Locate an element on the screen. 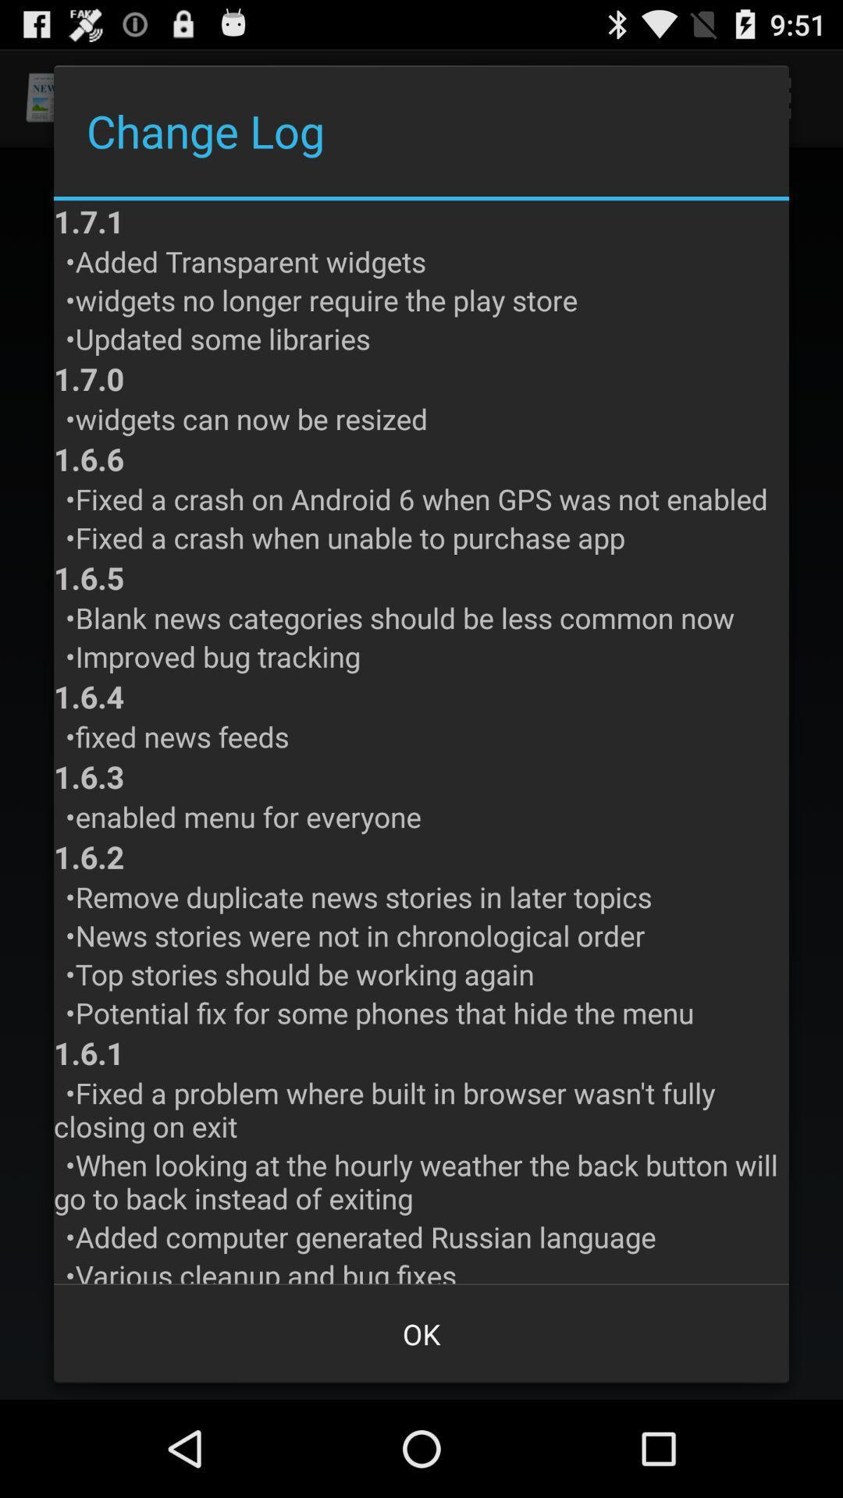 The width and height of the screenshot is (843, 1498). the item below various cleanup and item is located at coordinates (421, 1333).